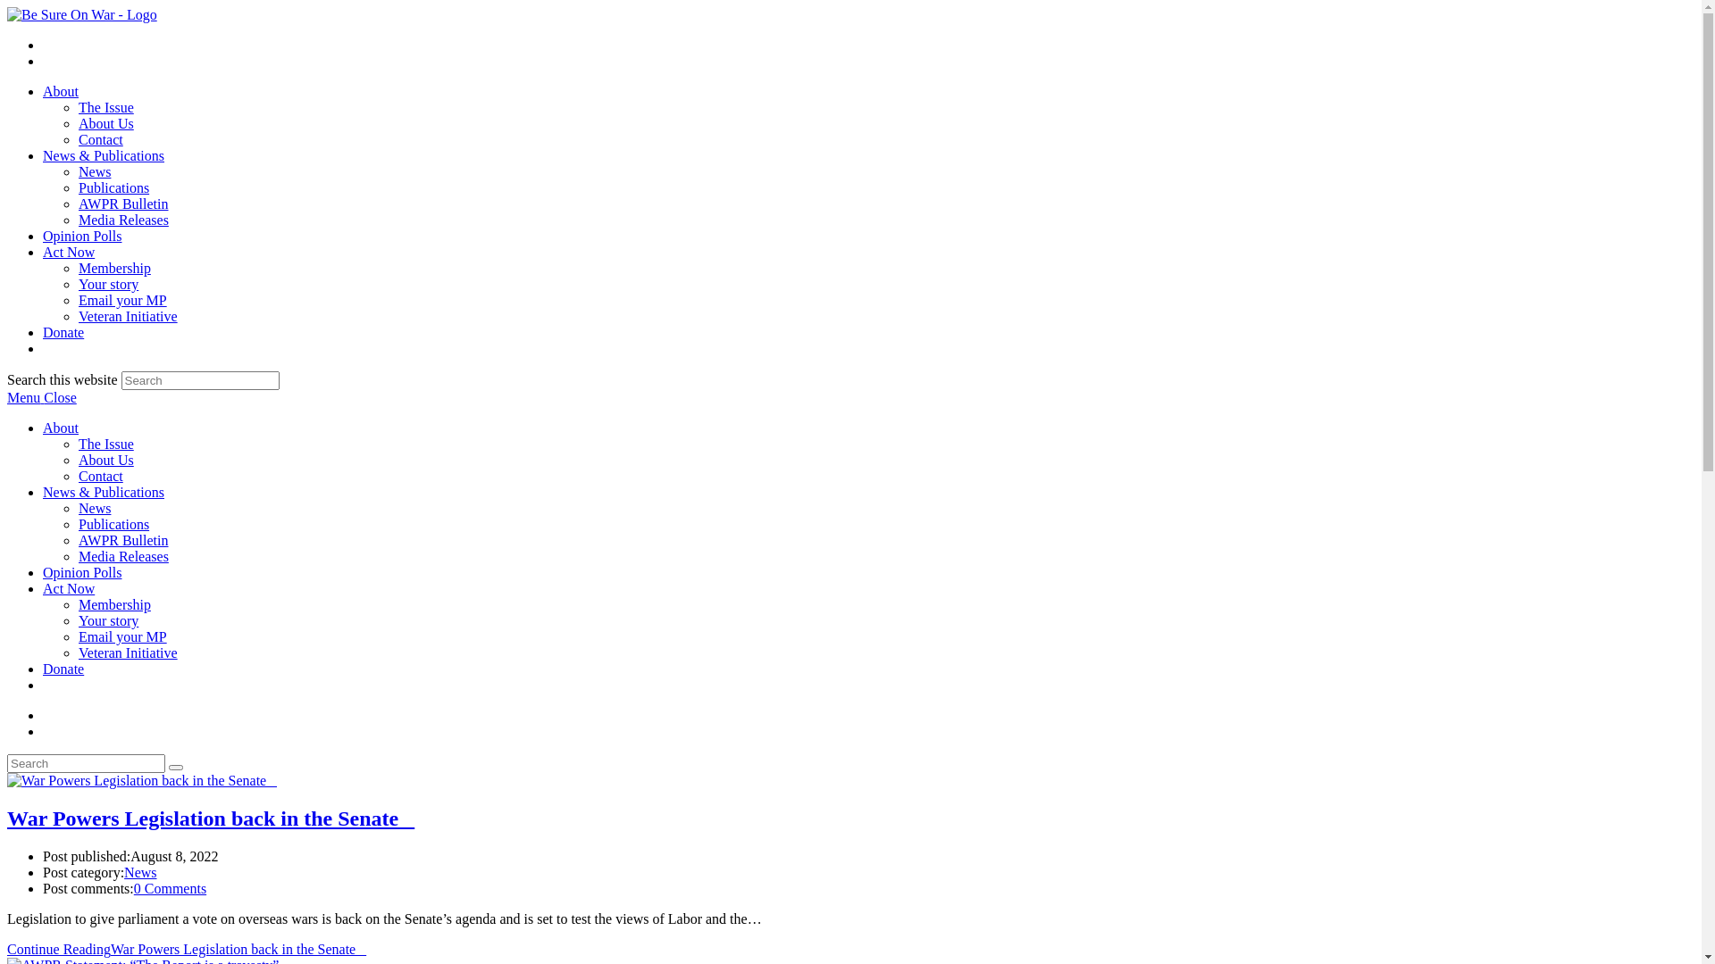 The image size is (1715, 964). I want to click on 'Opinion Polls', so click(43, 235).